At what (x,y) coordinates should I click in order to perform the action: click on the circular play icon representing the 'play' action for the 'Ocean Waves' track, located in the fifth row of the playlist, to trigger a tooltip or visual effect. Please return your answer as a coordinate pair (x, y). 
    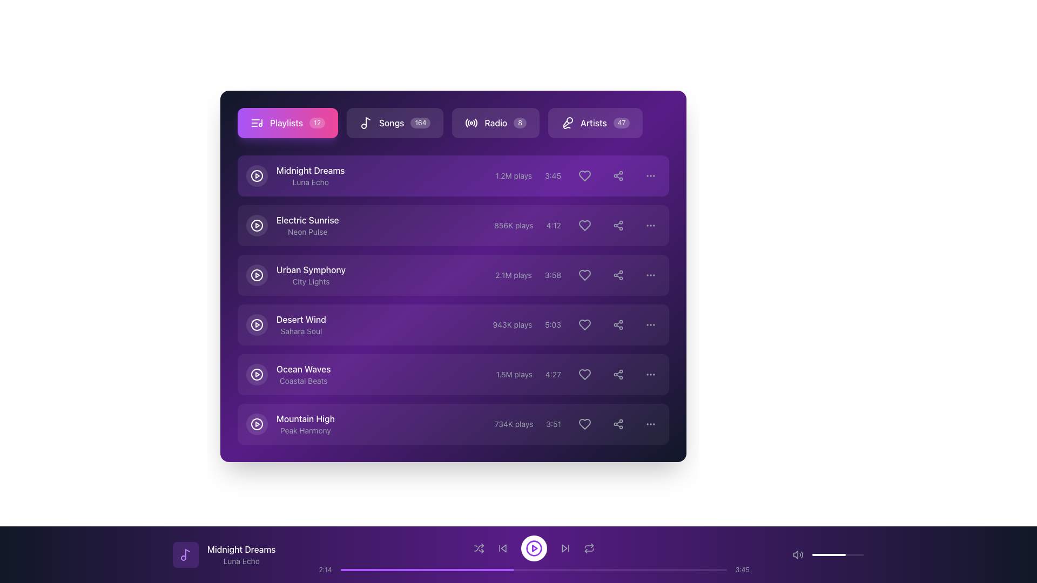
    Looking at the image, I should click on (256, 374).